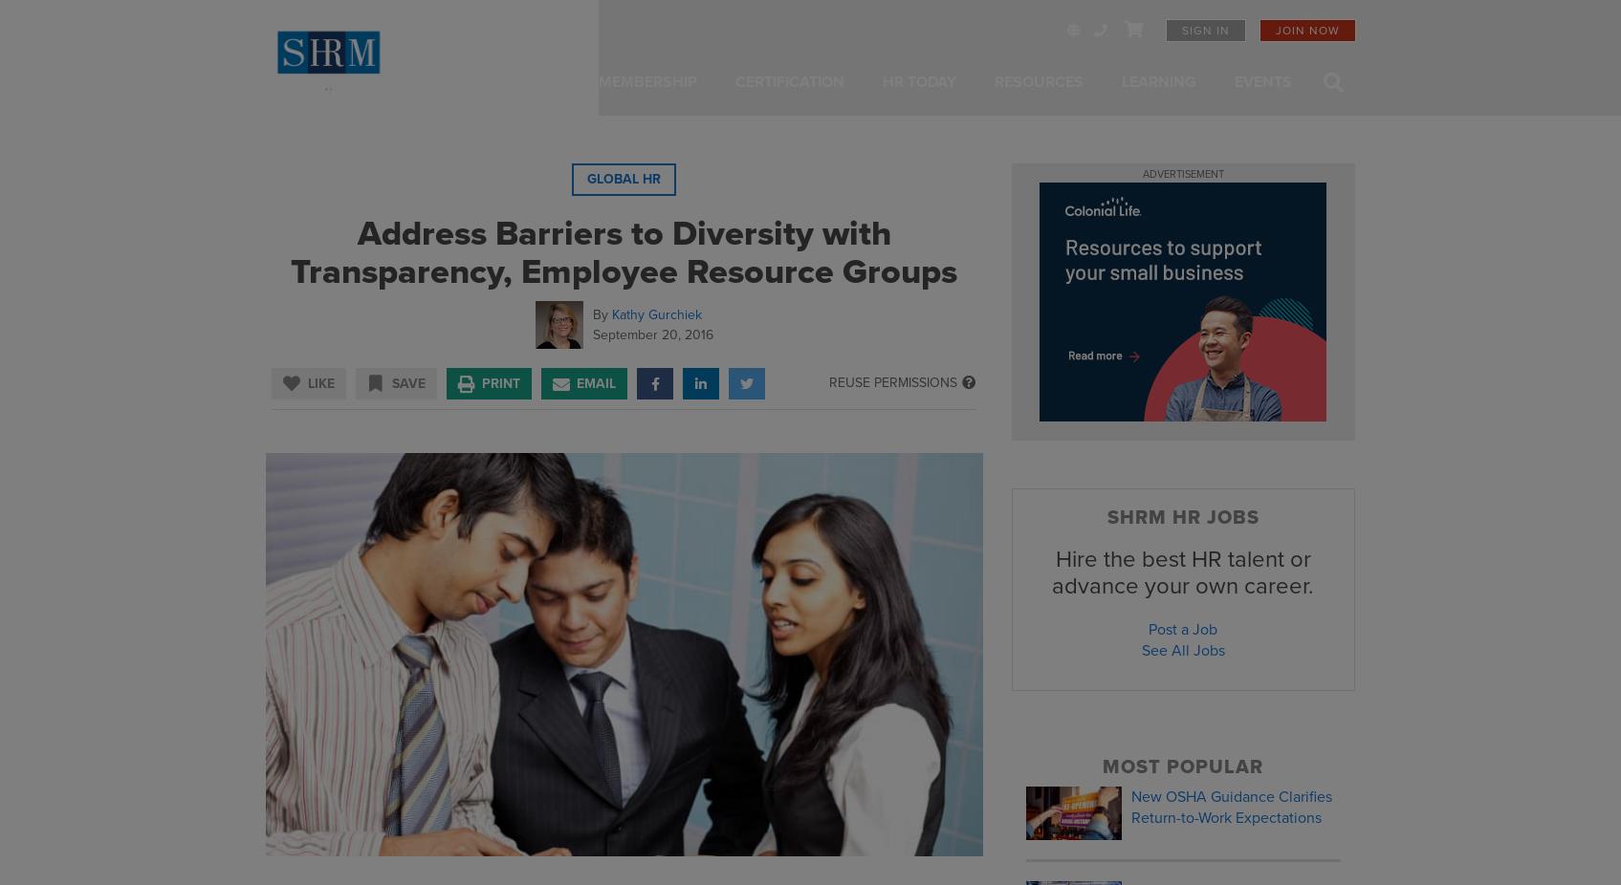 This screenshot has width=1621, height=885. Describe the element at coordinates (500, 382) in the screenshot. I see `'PRINT'` at that location.